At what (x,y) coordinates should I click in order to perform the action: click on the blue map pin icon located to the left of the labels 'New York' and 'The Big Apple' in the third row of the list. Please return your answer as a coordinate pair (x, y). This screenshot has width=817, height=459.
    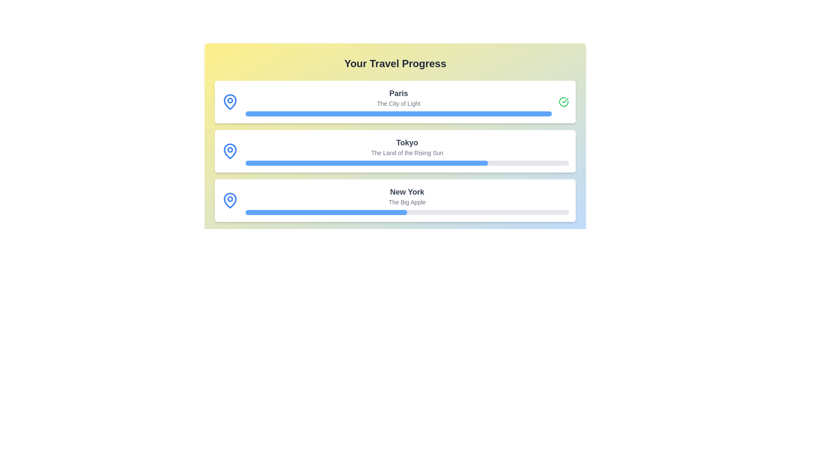
    Looking at the image, I should click on (230, 200).